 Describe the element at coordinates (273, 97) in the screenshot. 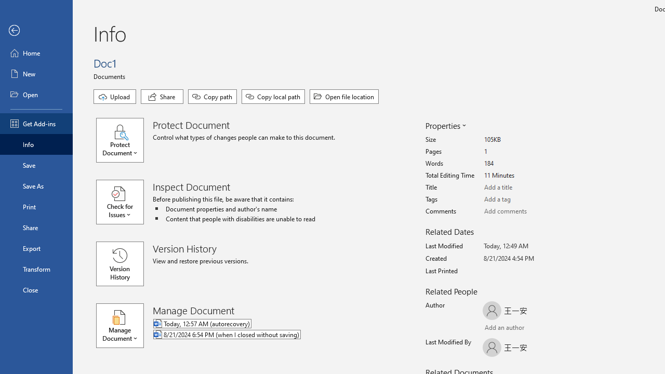

I see `'Copy local path'` at that location.